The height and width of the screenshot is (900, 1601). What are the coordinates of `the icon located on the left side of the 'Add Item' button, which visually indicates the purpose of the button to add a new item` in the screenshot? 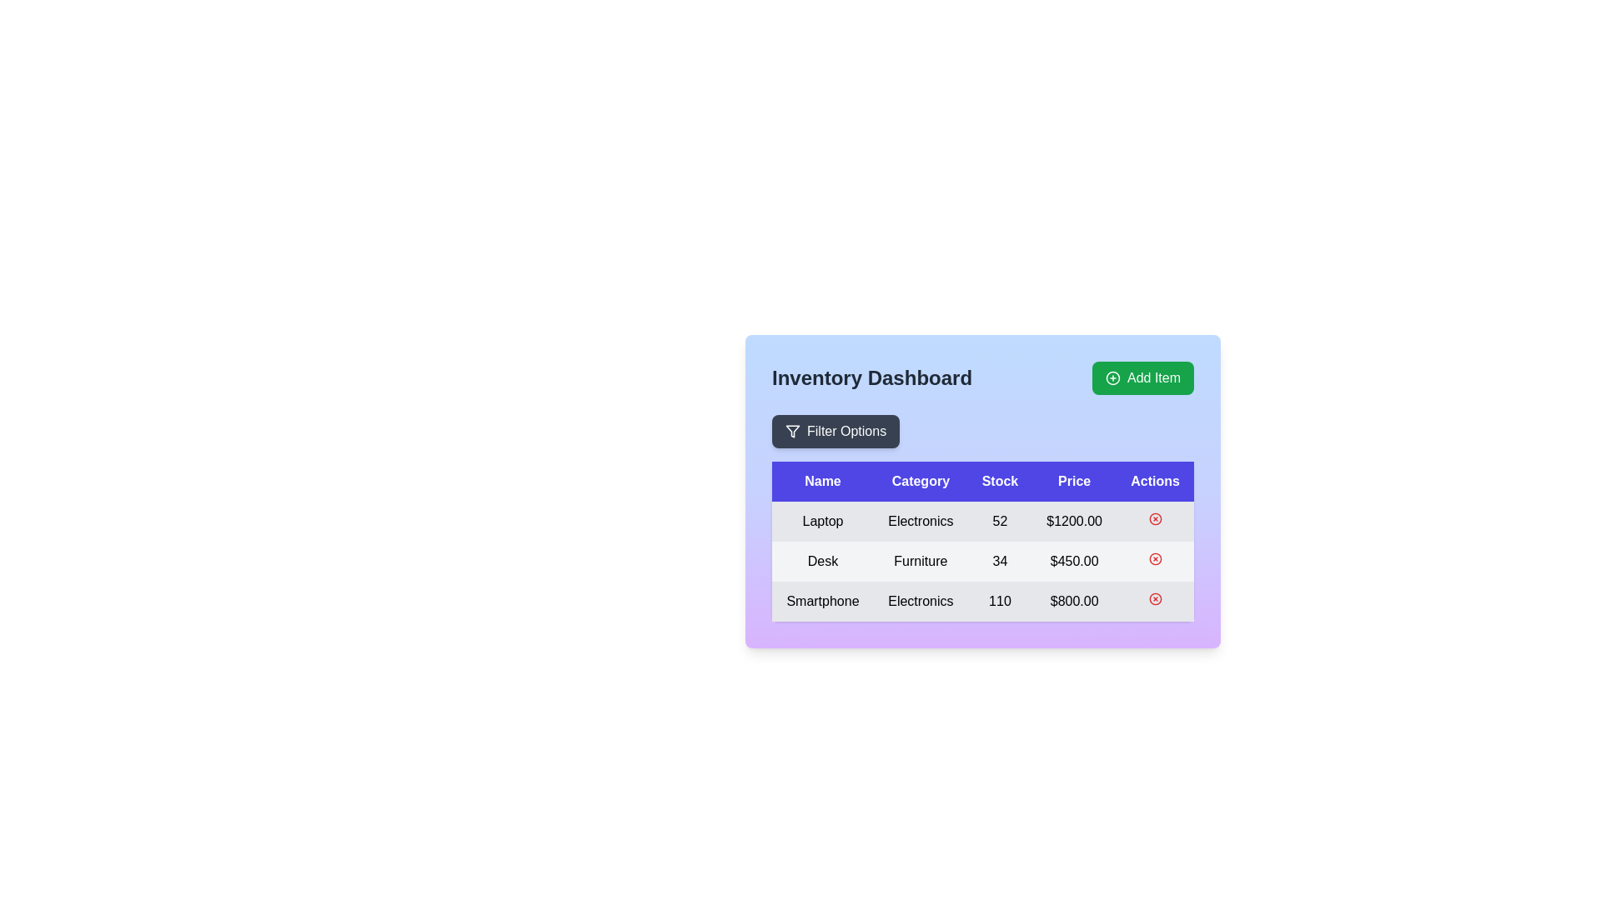 It's located at (1112, 378).